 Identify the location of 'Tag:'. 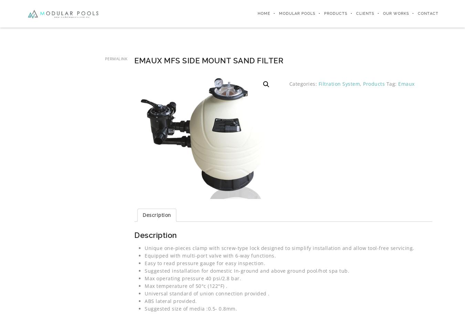
(392, 84).